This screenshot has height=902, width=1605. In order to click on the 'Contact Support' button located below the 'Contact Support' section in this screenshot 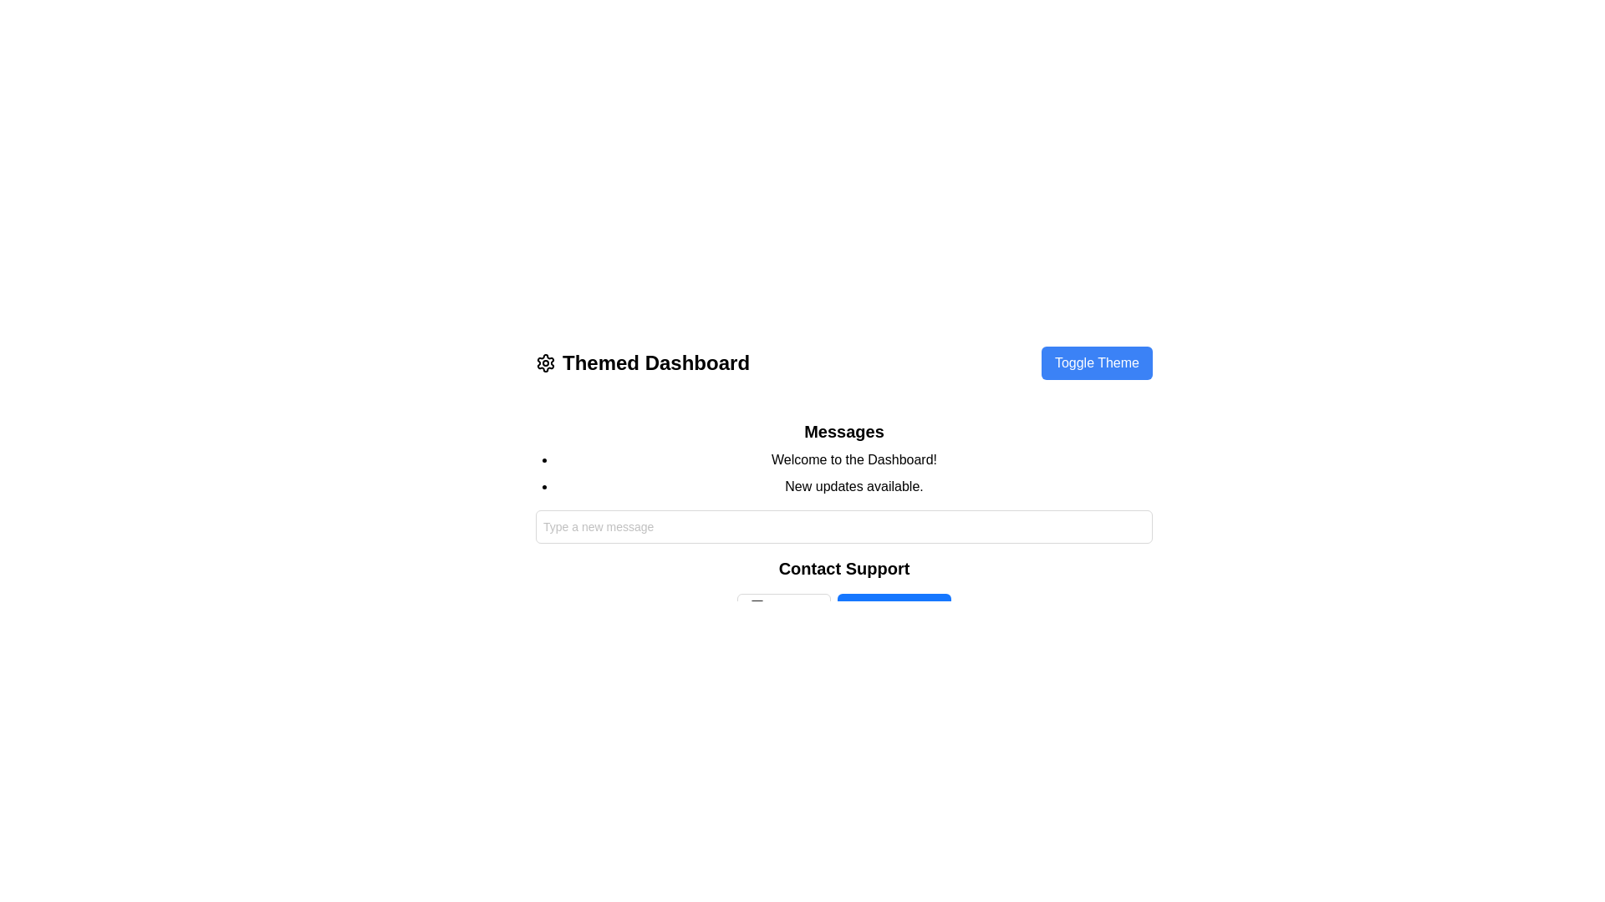, I will do `click(782, 606)`.